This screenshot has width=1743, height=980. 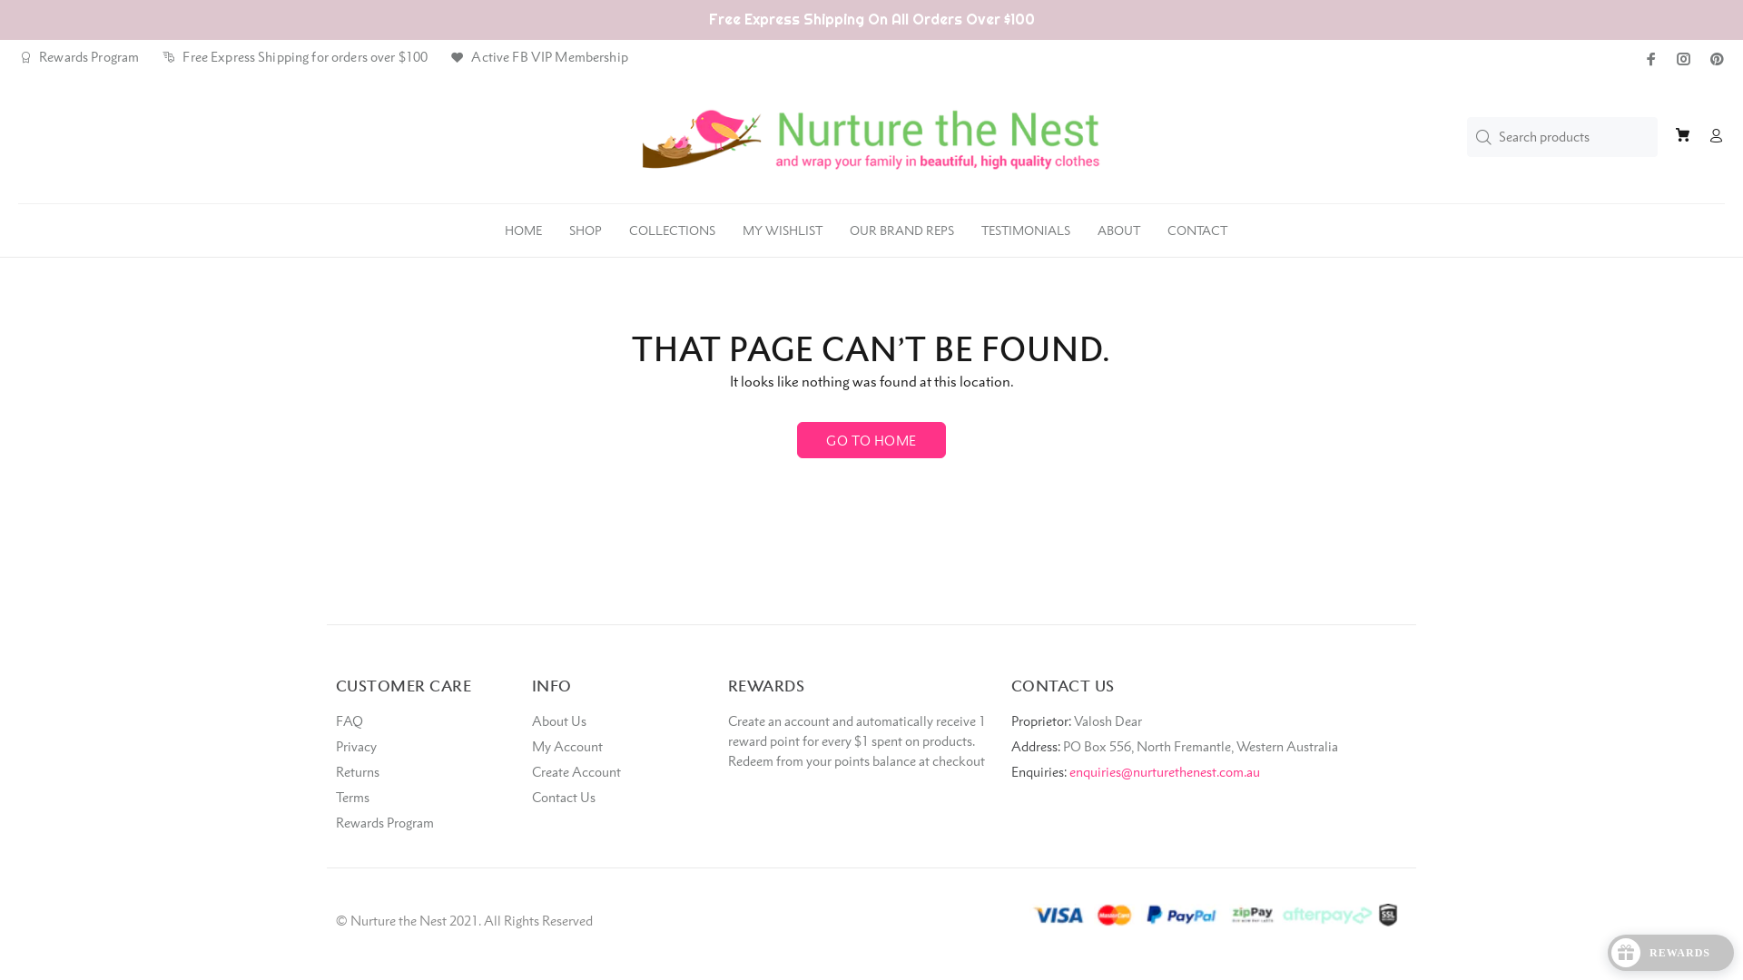 I want to click on 'Returns', so click(x=335, y=772).